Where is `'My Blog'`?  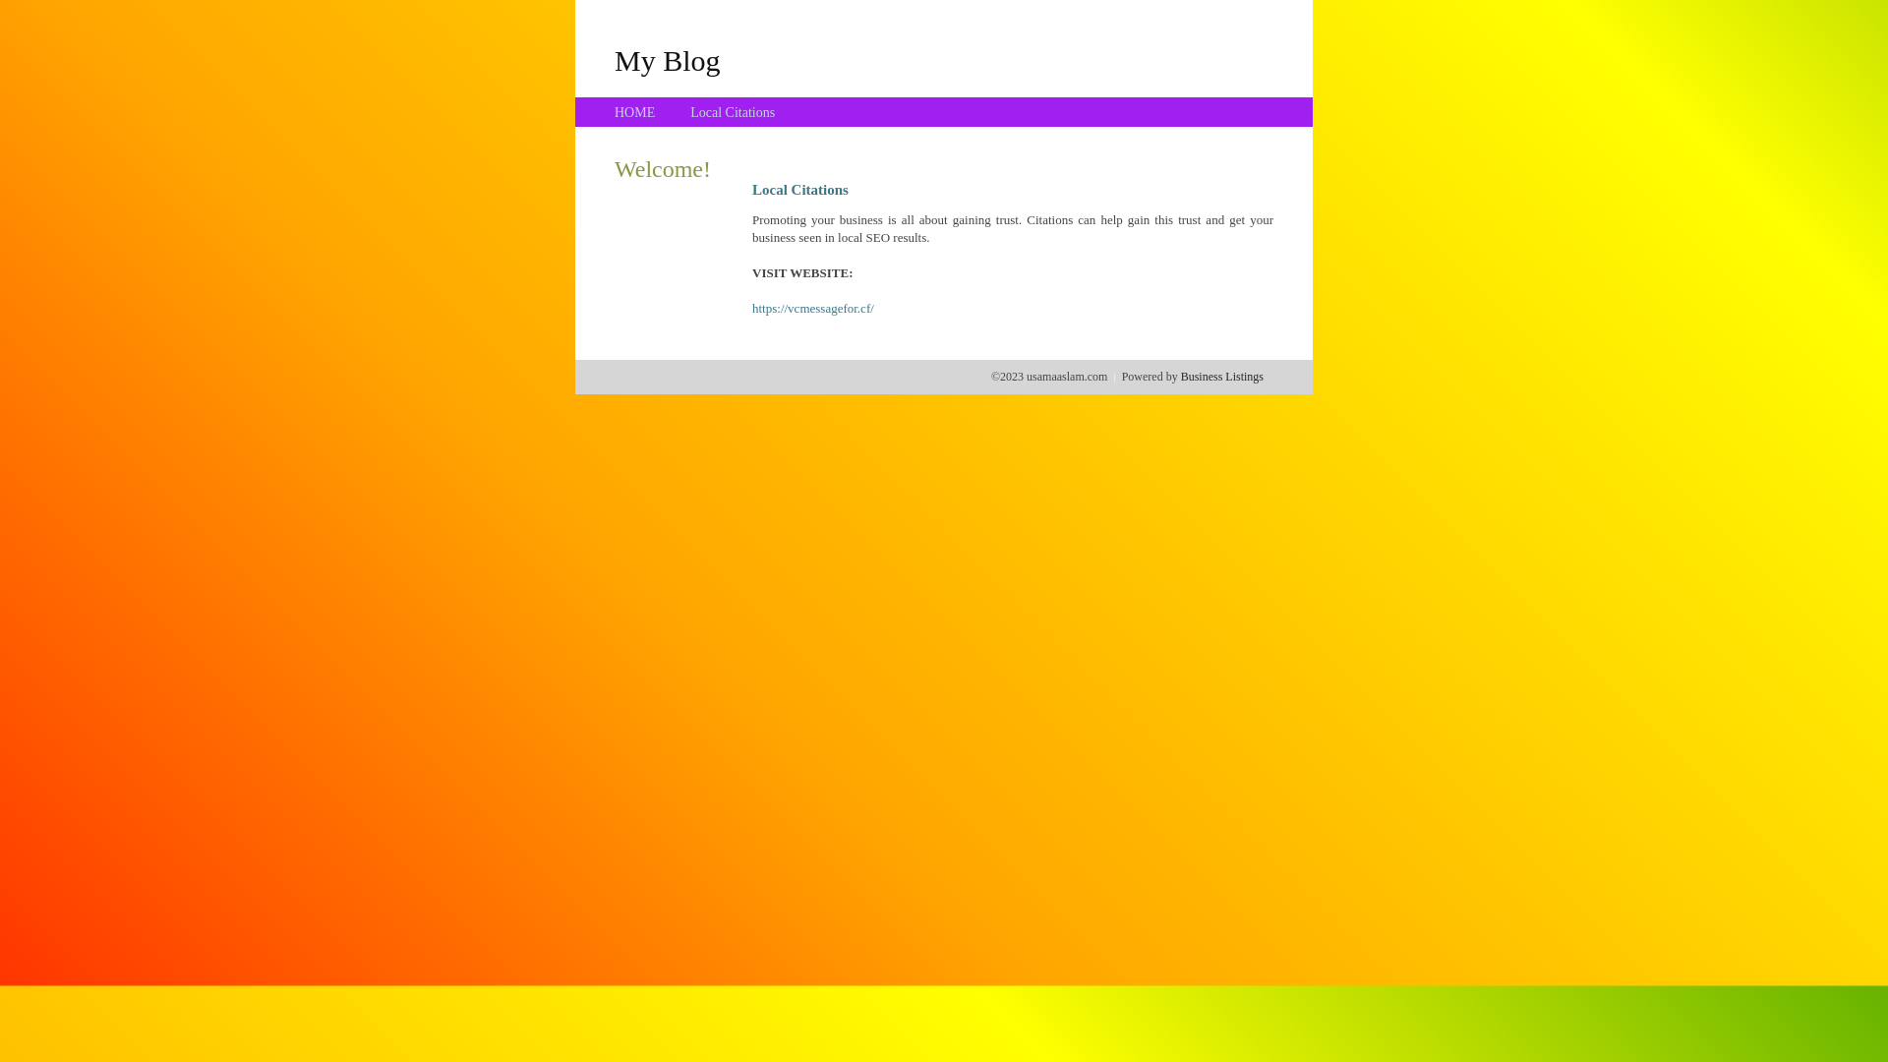
'My Blog' is located at coordinates (667, 59).